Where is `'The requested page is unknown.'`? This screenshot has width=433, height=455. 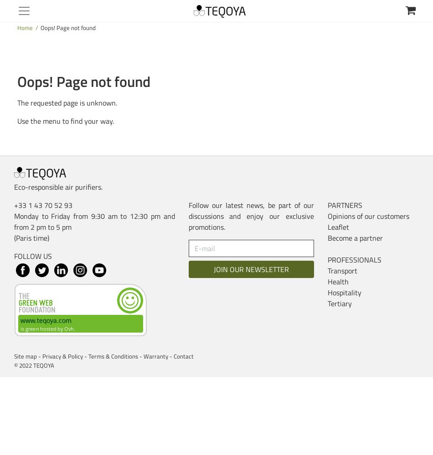
'The requested page is unknown.' is located at coordinates (67, 102).